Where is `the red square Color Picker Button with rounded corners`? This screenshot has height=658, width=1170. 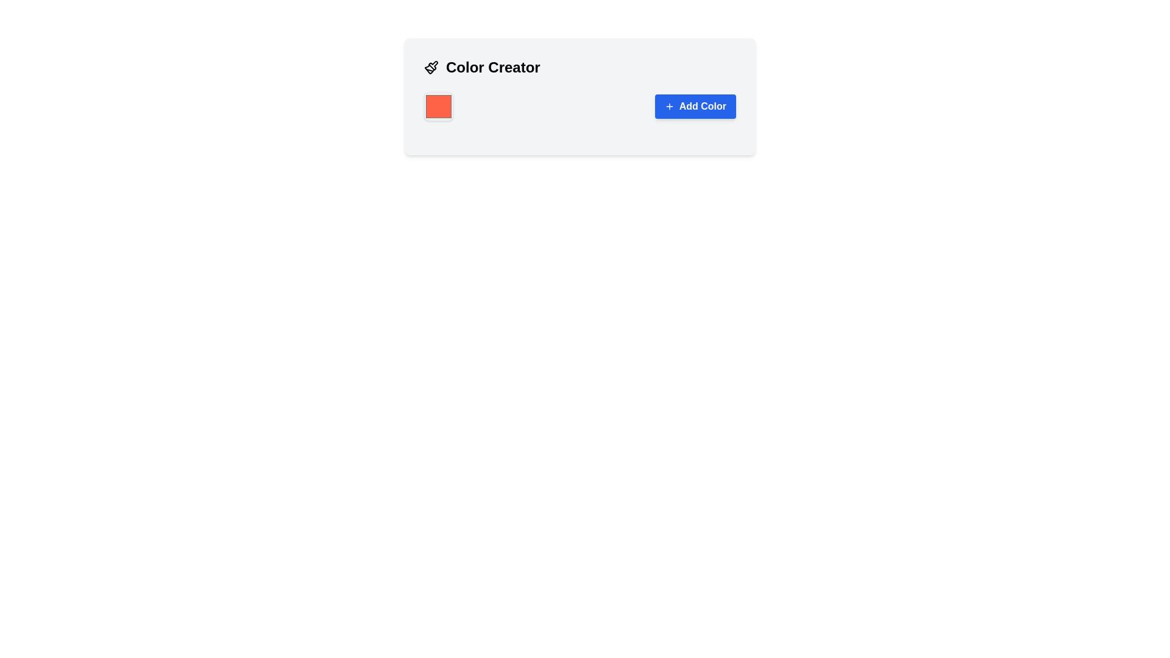
the red square Color Picker Button with rounded corners is located at coordinates (439, 105).